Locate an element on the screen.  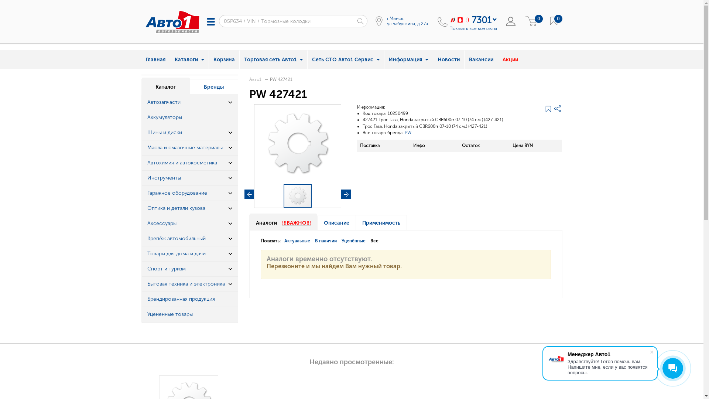
'Toggle navigation' is located at coordinates (202, 21).